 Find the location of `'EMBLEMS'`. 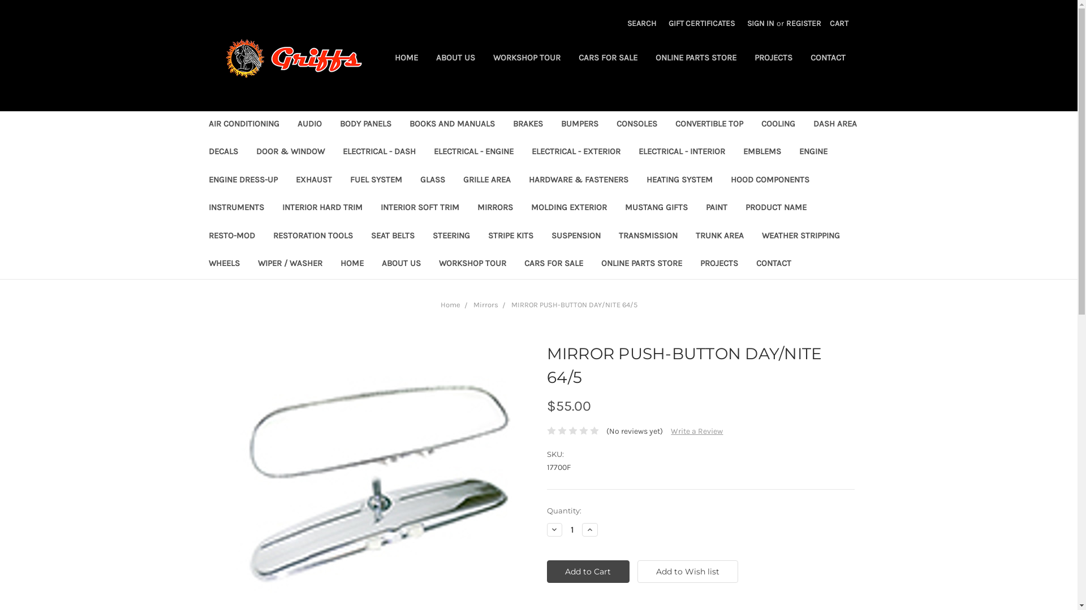

'EMBLEMS' is located at coordinates (734, 152).